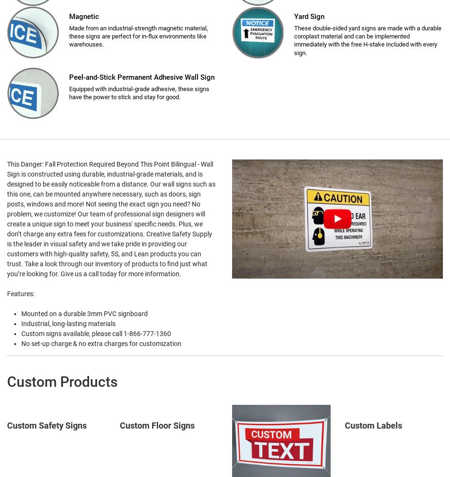 The width and height of the screenshot is (450, 477). I want to click on 'Yard Sign', so click(309, 16).